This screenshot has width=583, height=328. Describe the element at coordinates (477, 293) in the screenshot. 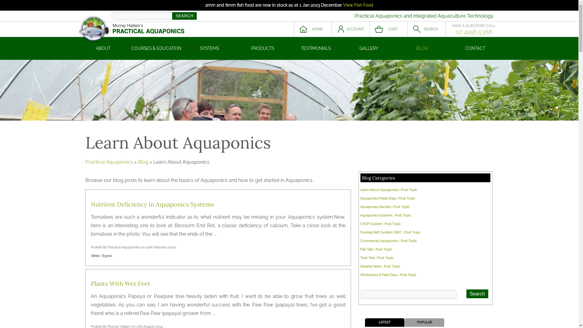

I see `'Search'` at that location.